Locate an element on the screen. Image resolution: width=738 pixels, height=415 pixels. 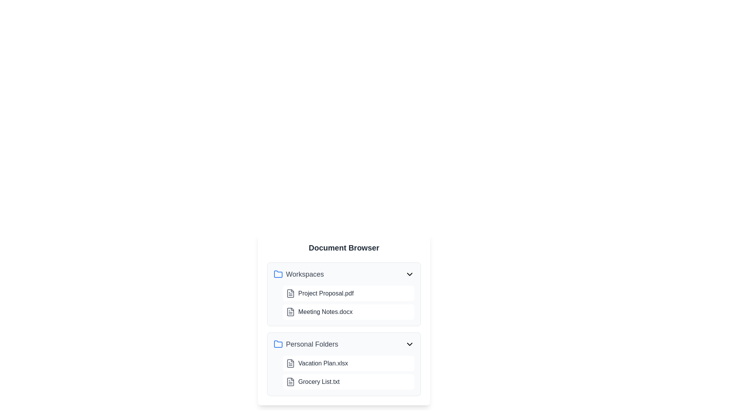
the text label that represents the file 'Grocery List.txt' located in the 'Personal Folders' section is located at coordinates (319, 382).